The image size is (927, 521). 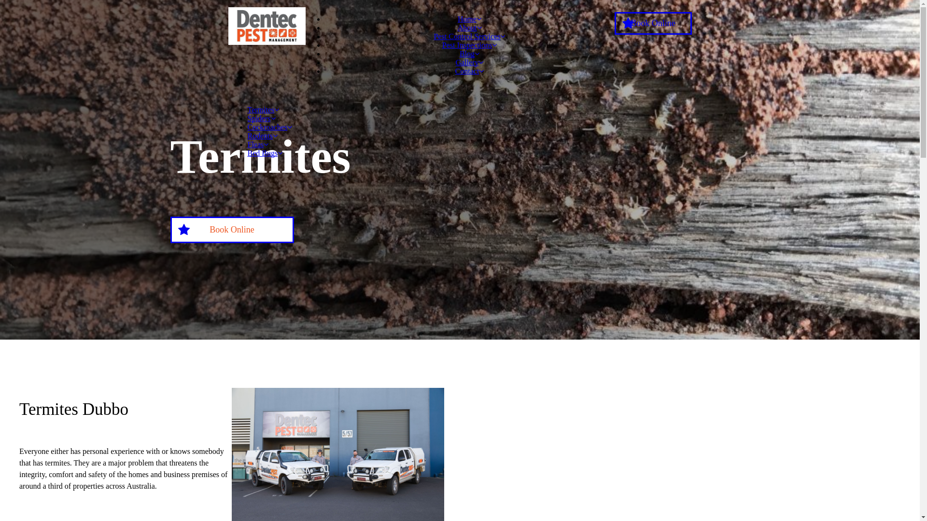 I want to click on 'Pest Inspections', so click(x=442, y=45).